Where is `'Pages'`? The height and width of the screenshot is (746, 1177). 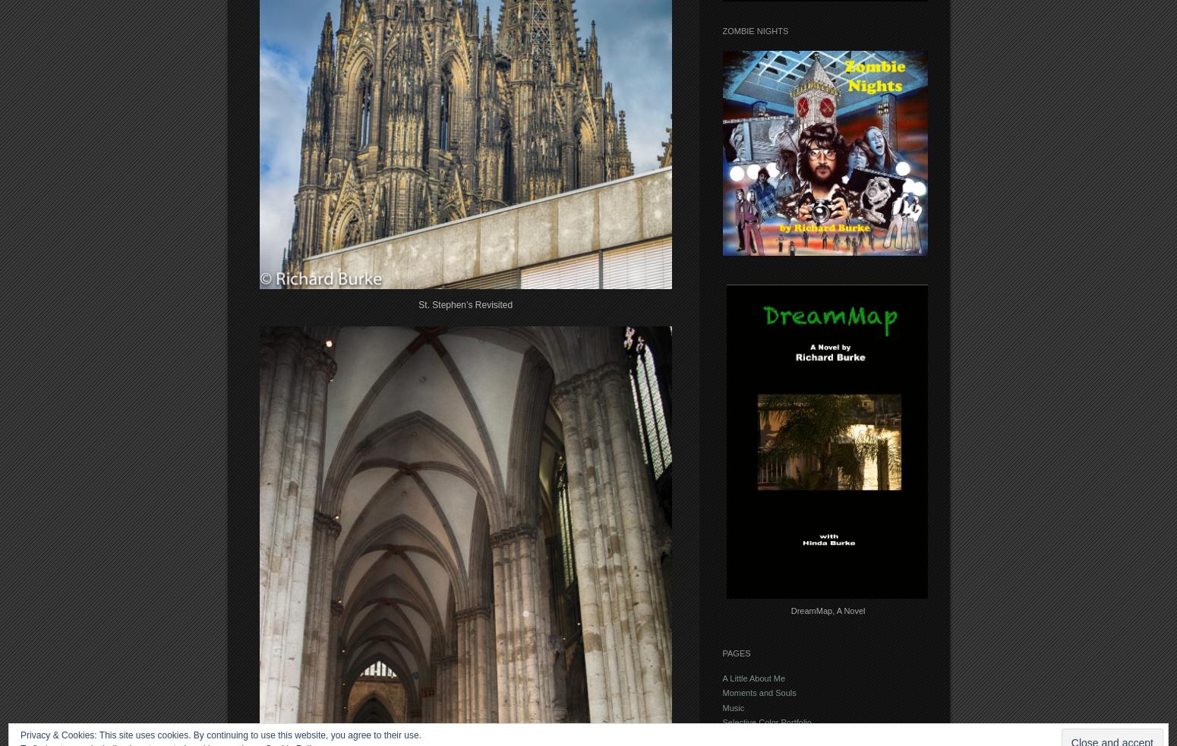 'Pages' is located at coordinates (721, 653).